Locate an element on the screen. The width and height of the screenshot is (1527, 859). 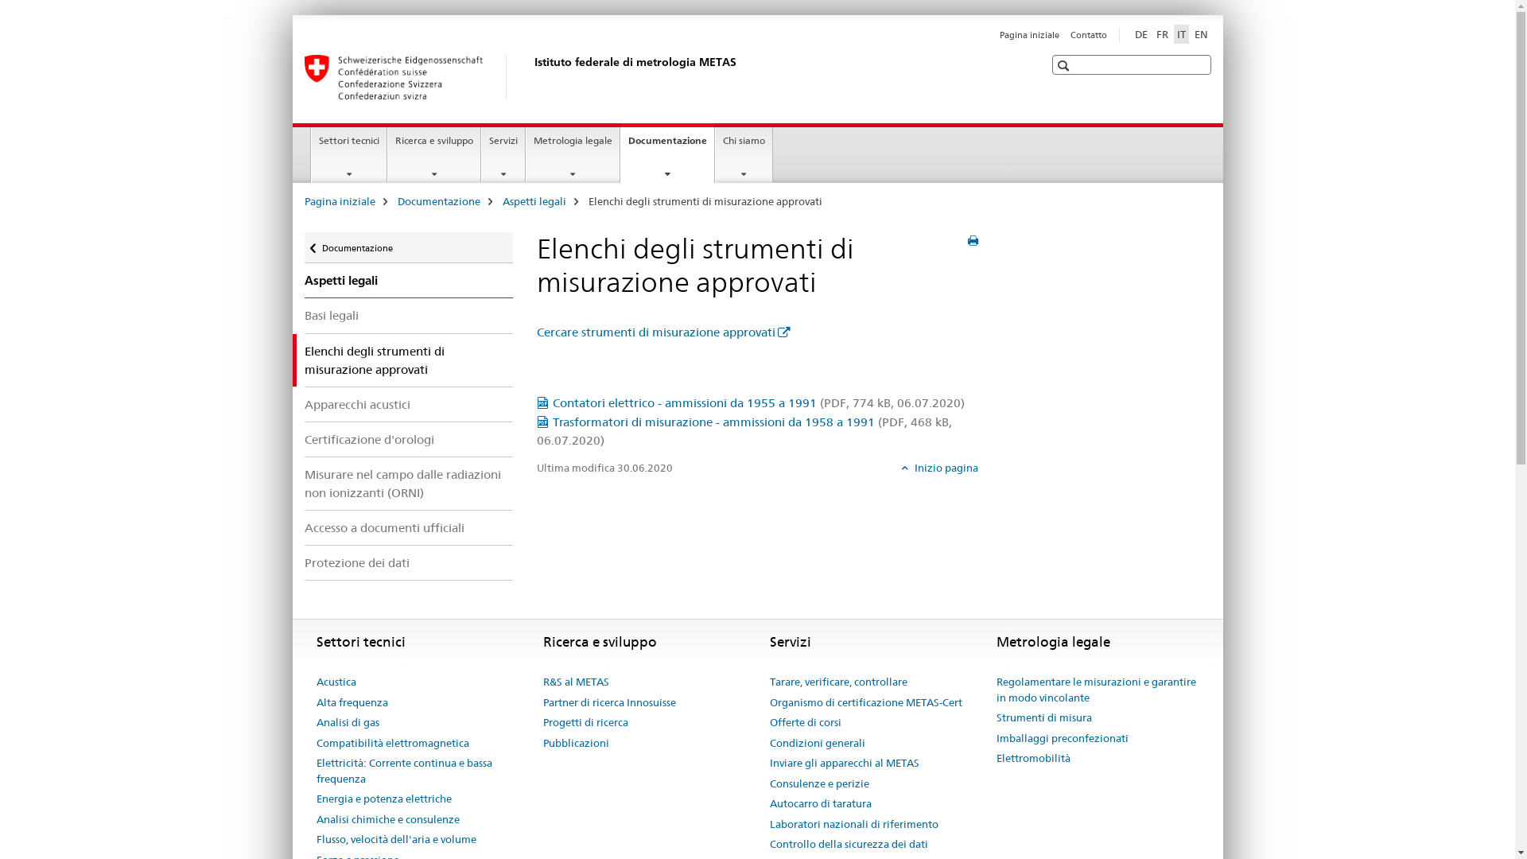
'Certificazione d'orologi' is located at coordinates (304, 439).